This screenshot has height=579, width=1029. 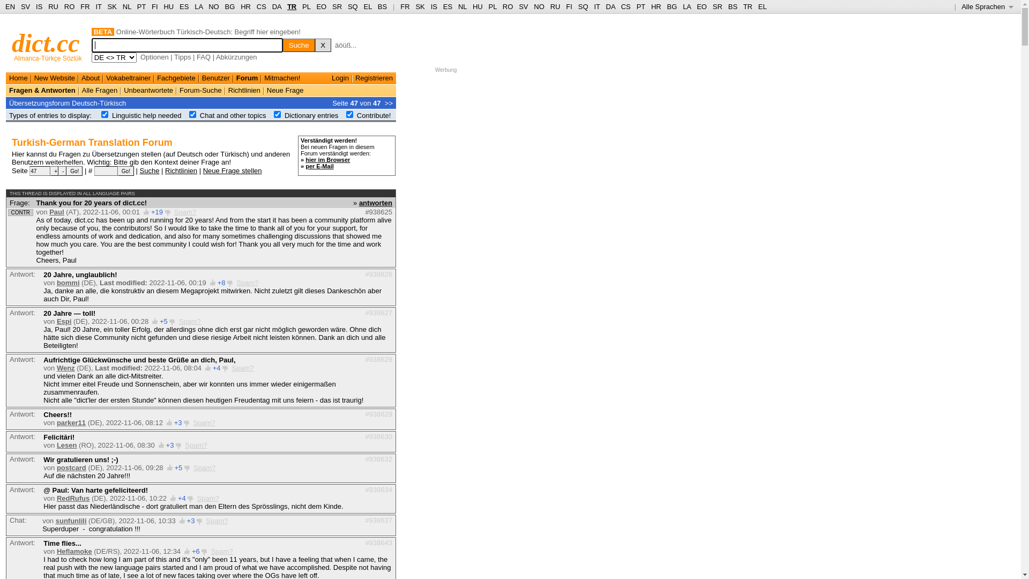 I want to click on 'CS', so click(x=621, y=6).